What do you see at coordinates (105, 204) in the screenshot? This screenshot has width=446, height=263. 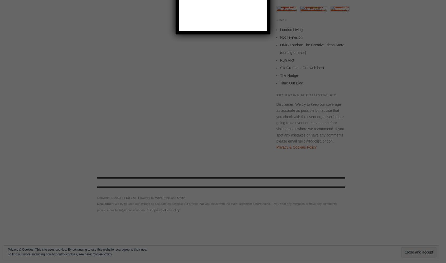 I see `'Disclaimer:'` at bounding box center [105, 204].